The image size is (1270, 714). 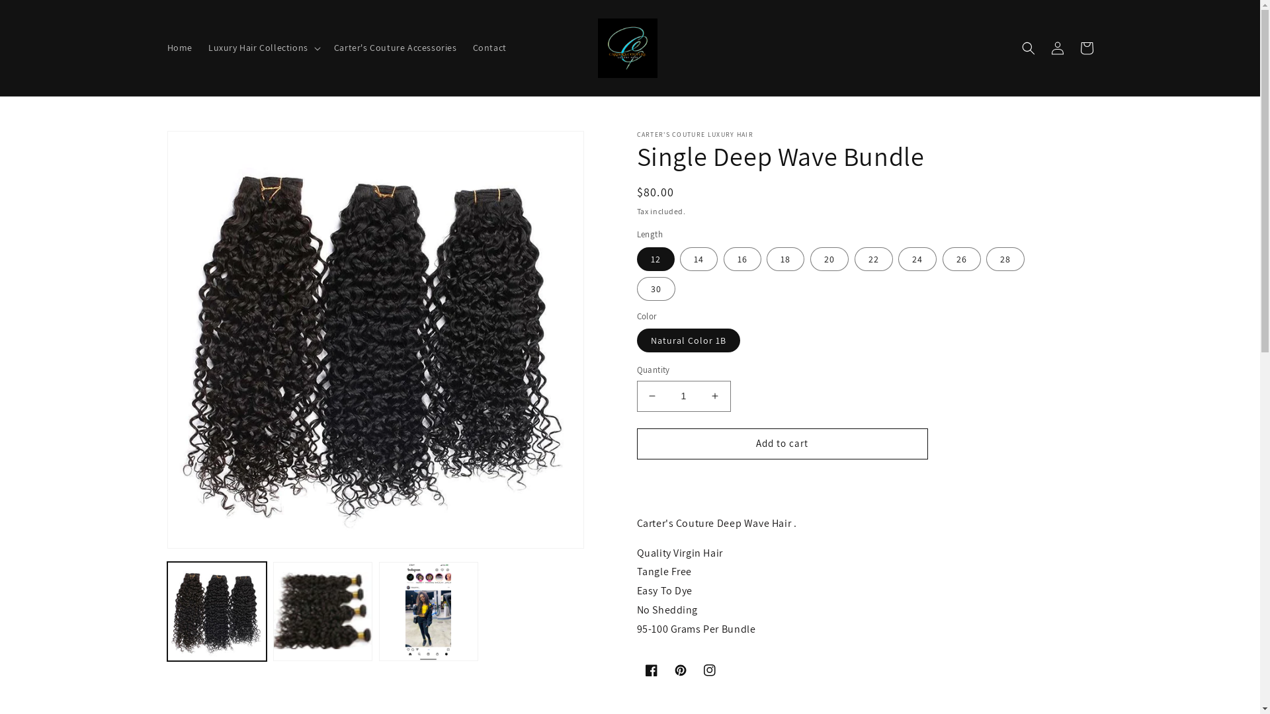 I want to click on 'Cart', so click(x=1085, y=47).